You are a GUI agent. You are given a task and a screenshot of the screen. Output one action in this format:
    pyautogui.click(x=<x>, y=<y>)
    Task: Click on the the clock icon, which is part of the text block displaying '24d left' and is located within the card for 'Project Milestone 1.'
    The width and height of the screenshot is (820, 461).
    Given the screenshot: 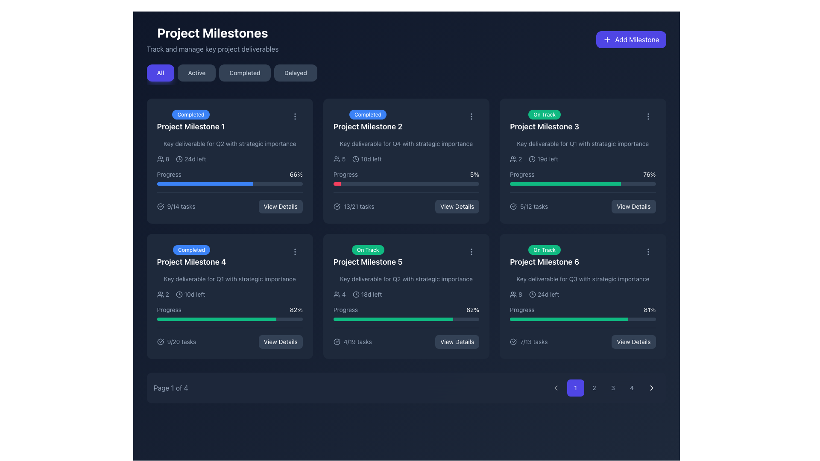 What is the action you would take?
    pyautogui.click(x=179, y=159)
    